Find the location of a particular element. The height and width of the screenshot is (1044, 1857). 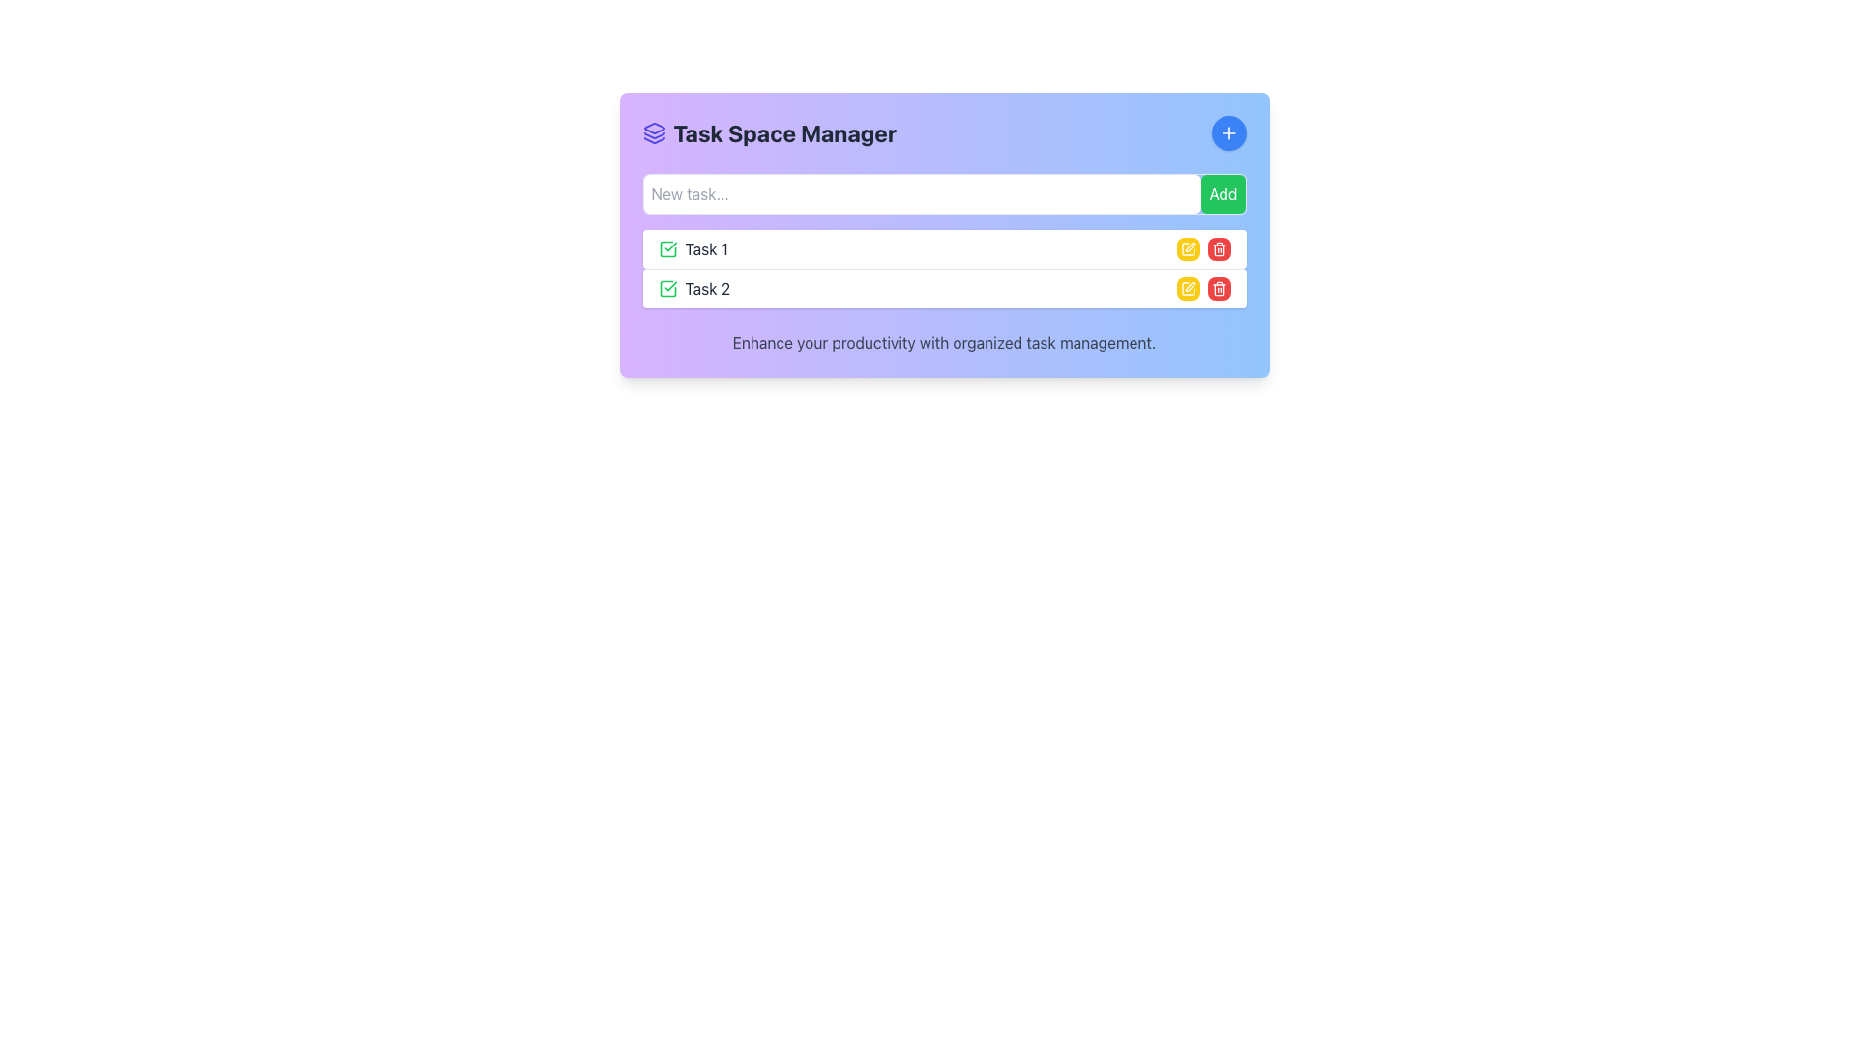

the 'Add Task' button located to the right of the 'New task...' input field is located at coordinates (1222, 193).